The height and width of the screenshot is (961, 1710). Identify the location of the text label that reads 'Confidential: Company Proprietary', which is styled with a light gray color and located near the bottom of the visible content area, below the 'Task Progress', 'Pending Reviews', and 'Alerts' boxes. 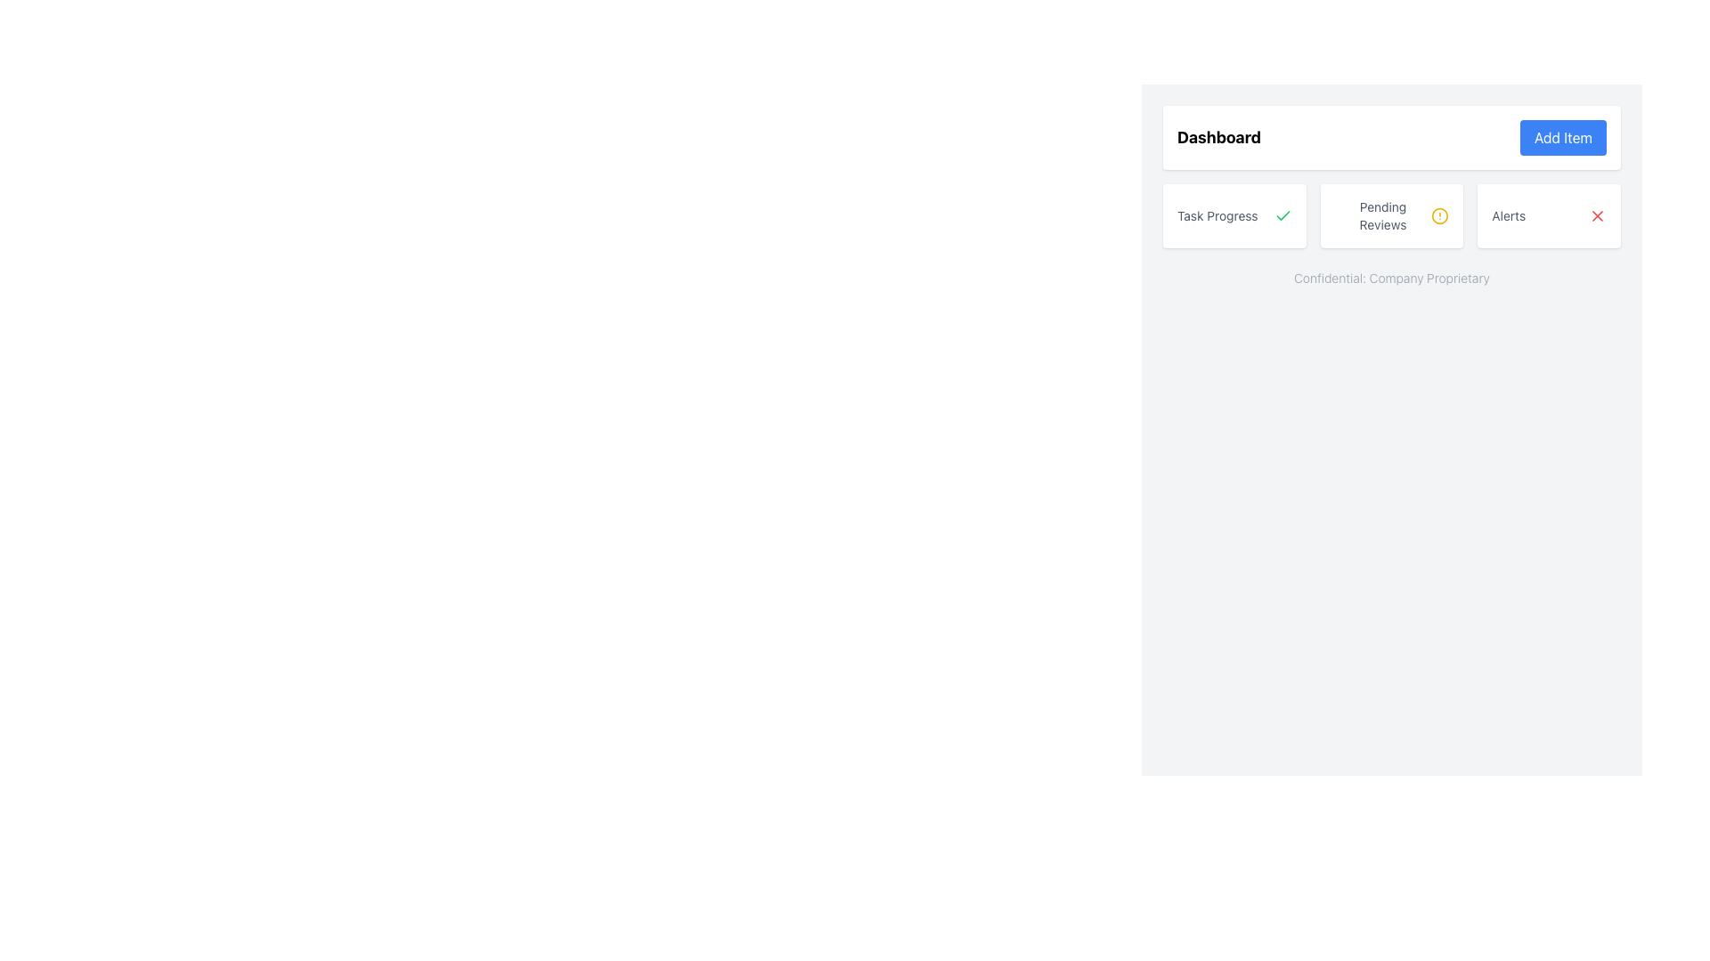
(1391, 278).